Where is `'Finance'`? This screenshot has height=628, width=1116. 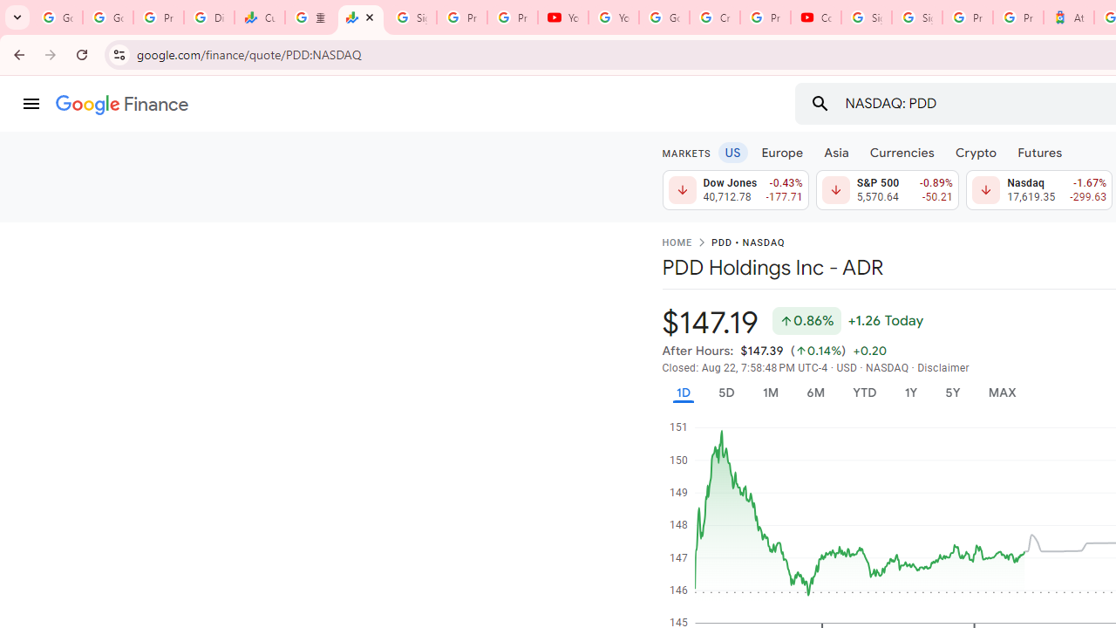
'Finance' is located at coordinates (121, 105).